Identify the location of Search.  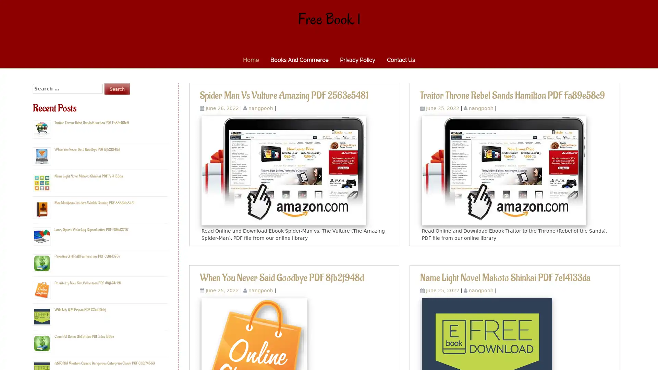
(117, 88).